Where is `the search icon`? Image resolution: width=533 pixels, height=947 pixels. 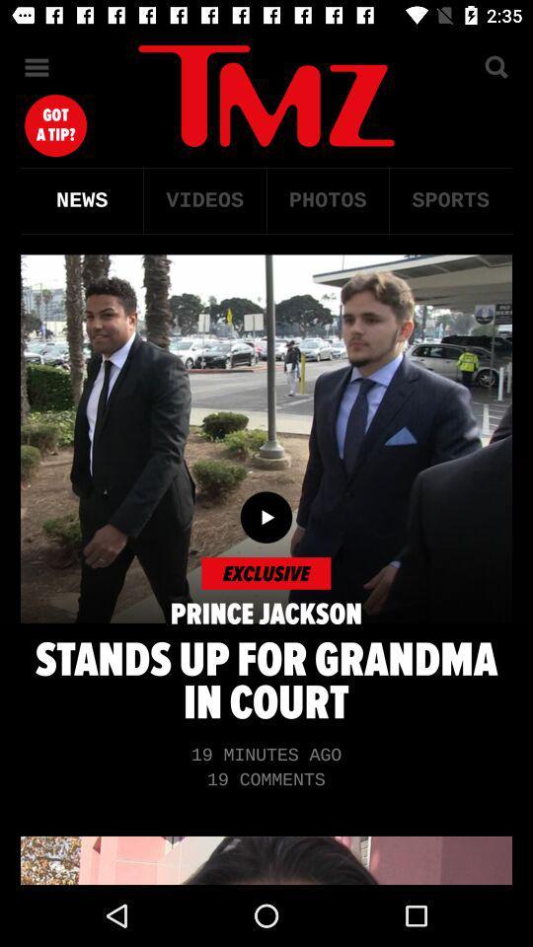
the search icon is located at coordinates (495, 67).